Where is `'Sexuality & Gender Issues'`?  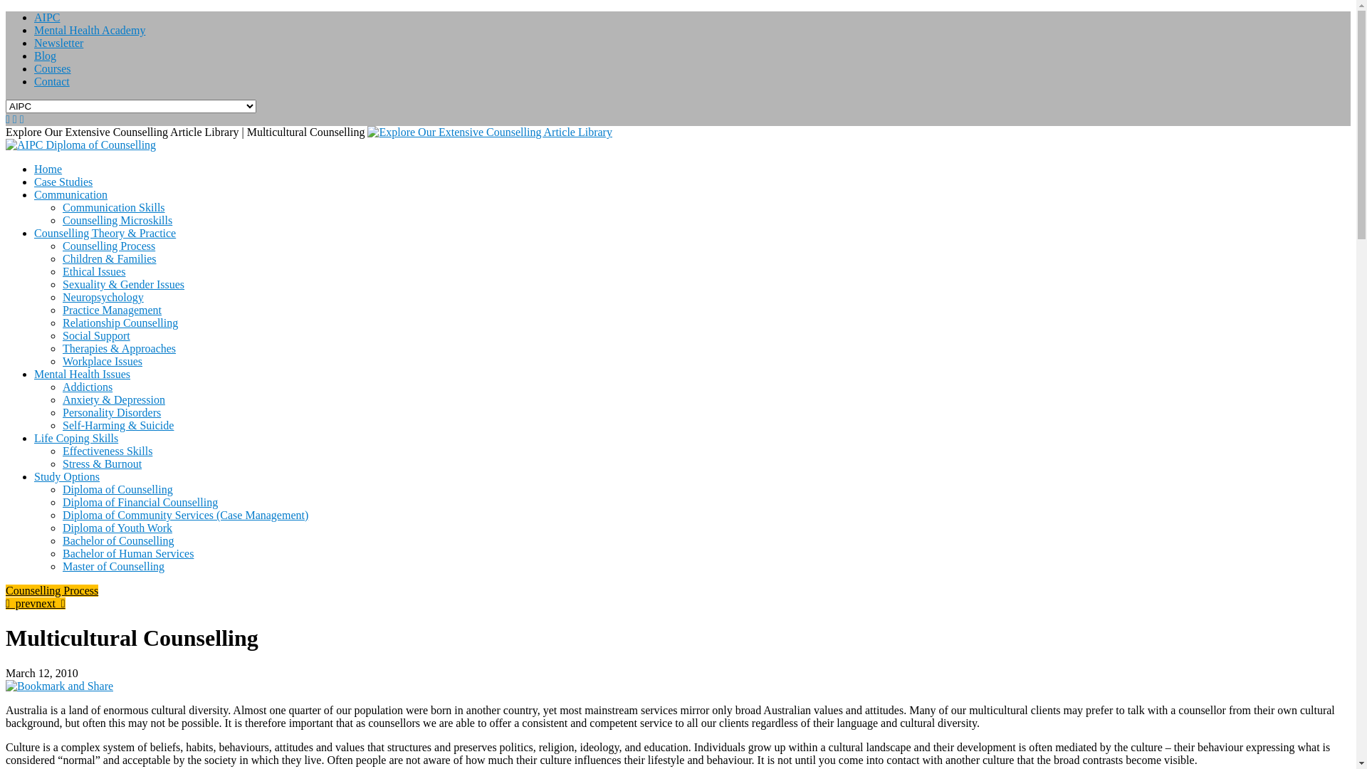 'Sexuality & Gender Issues' is located at coordinates (123, 284).